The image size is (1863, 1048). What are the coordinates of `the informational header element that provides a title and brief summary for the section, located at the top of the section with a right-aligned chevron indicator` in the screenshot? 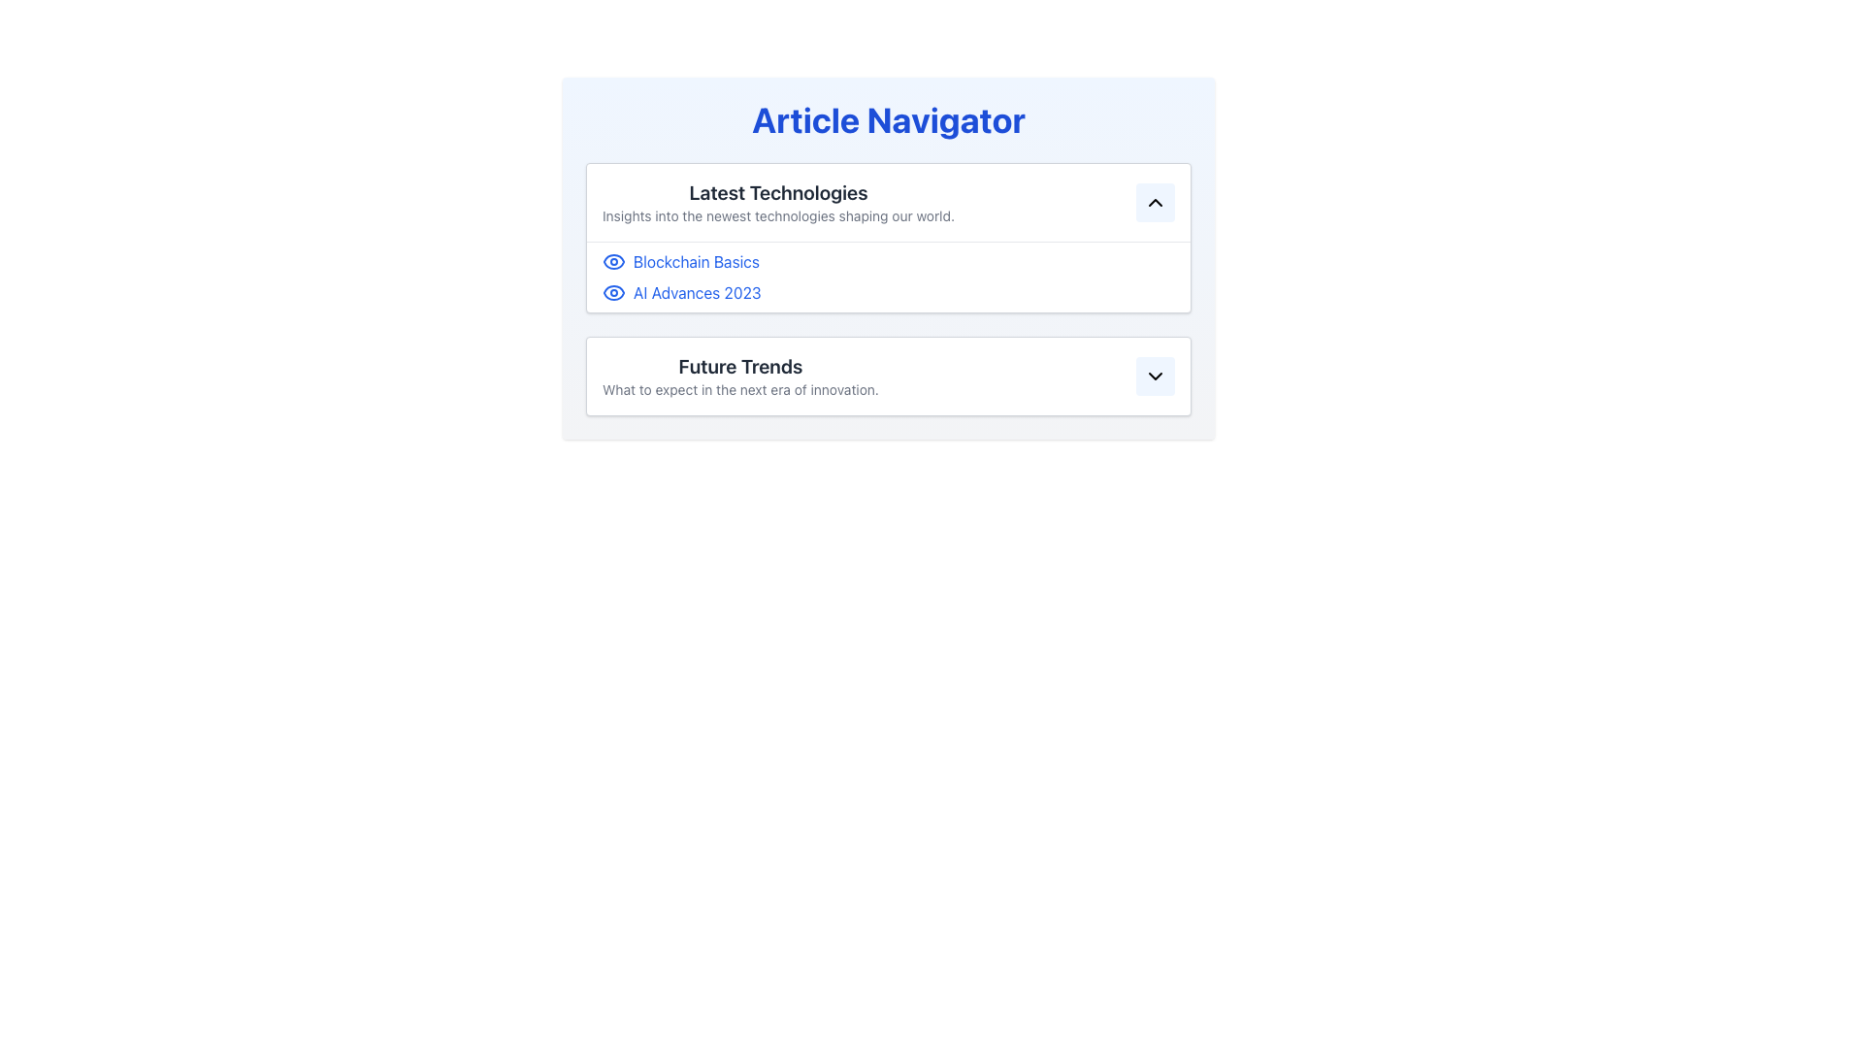 It's located at (778, 202).